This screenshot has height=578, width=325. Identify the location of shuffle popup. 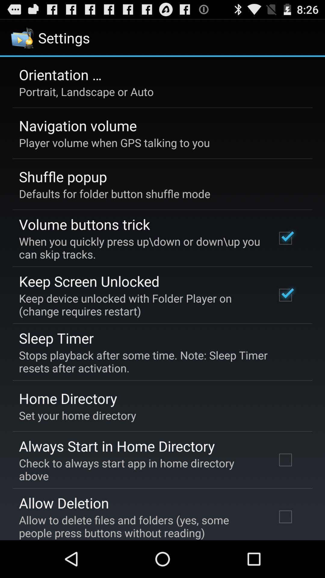
(63, 176).